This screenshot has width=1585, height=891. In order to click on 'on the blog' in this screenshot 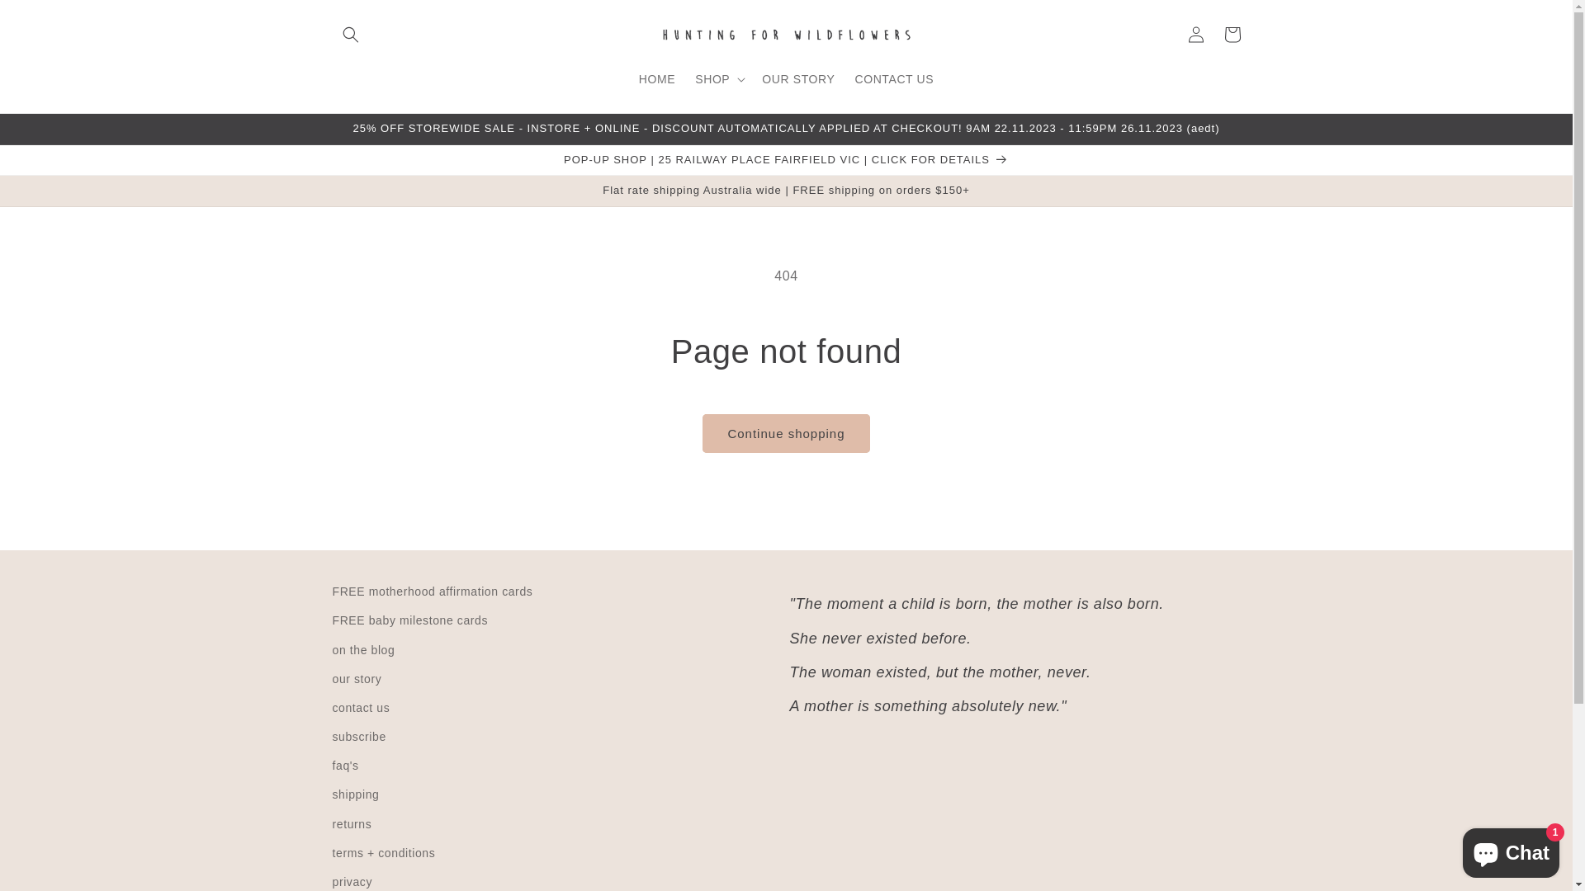, I will do `click(331, 649)`.